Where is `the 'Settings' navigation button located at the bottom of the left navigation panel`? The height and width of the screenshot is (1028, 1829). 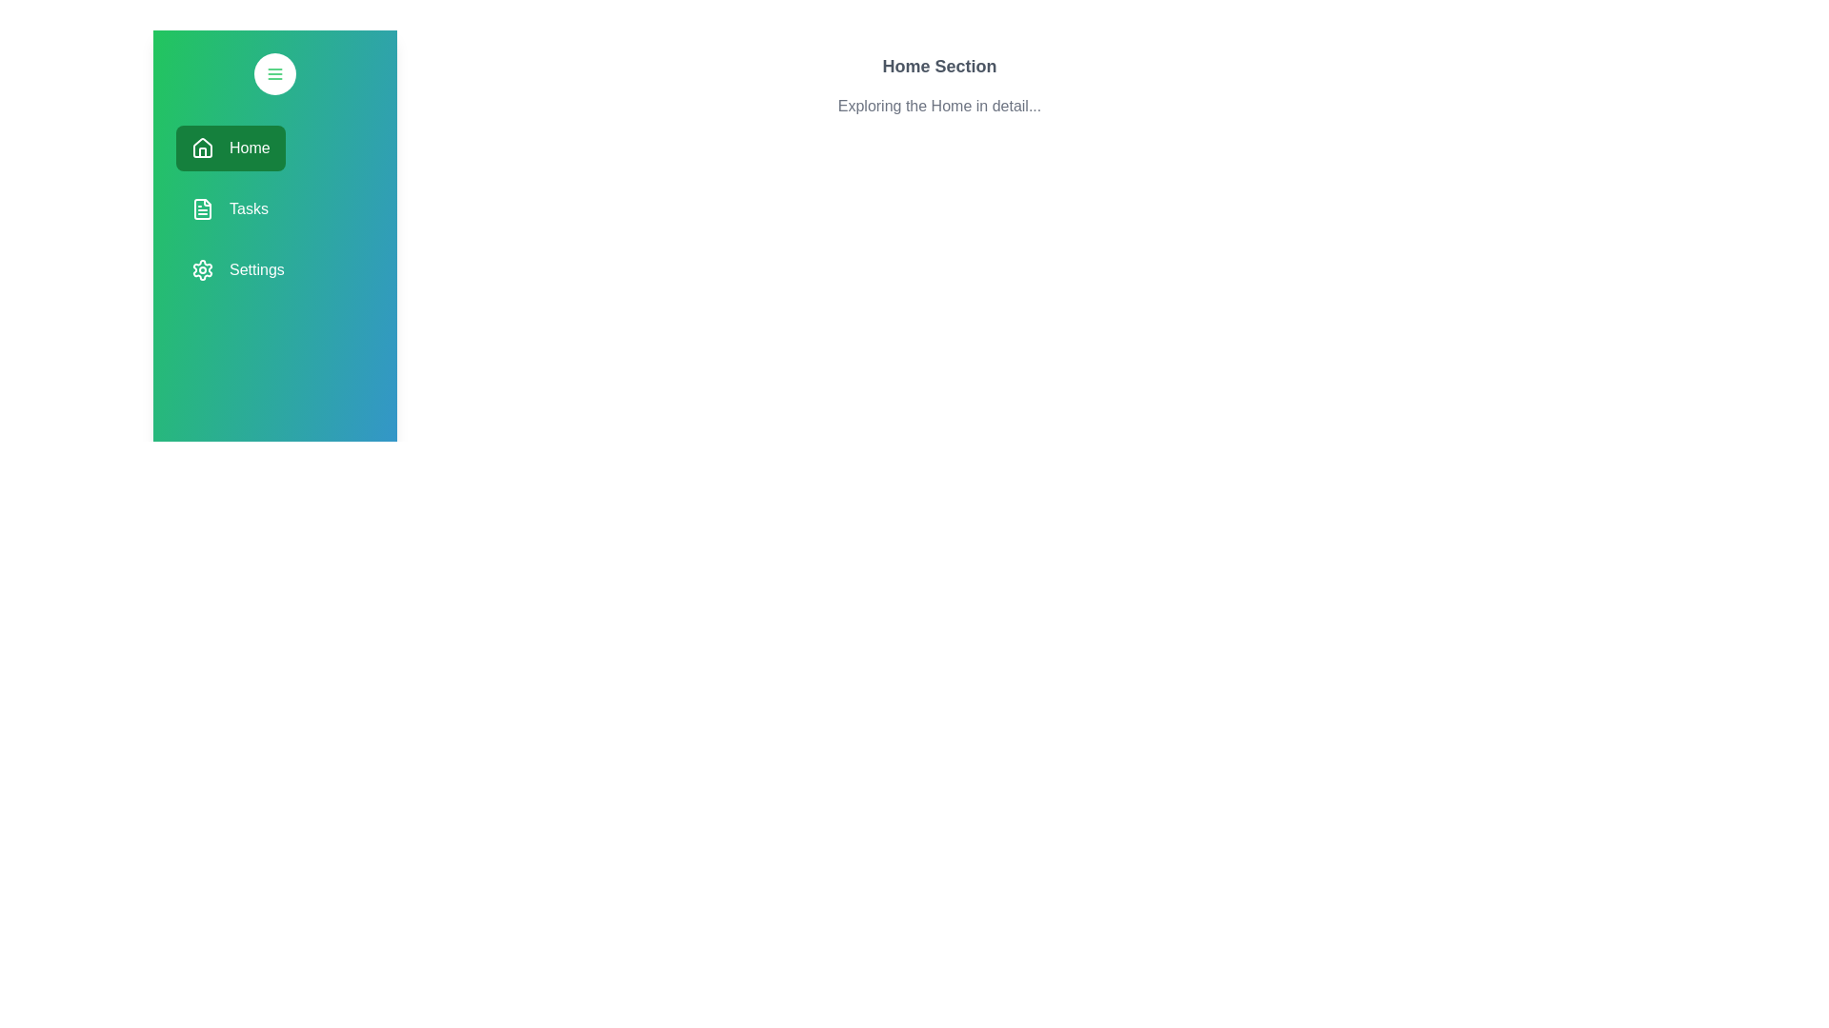 the 'Settings' navigation button located at the bottom of the left navigation panel is located at coordinates (236, 270).